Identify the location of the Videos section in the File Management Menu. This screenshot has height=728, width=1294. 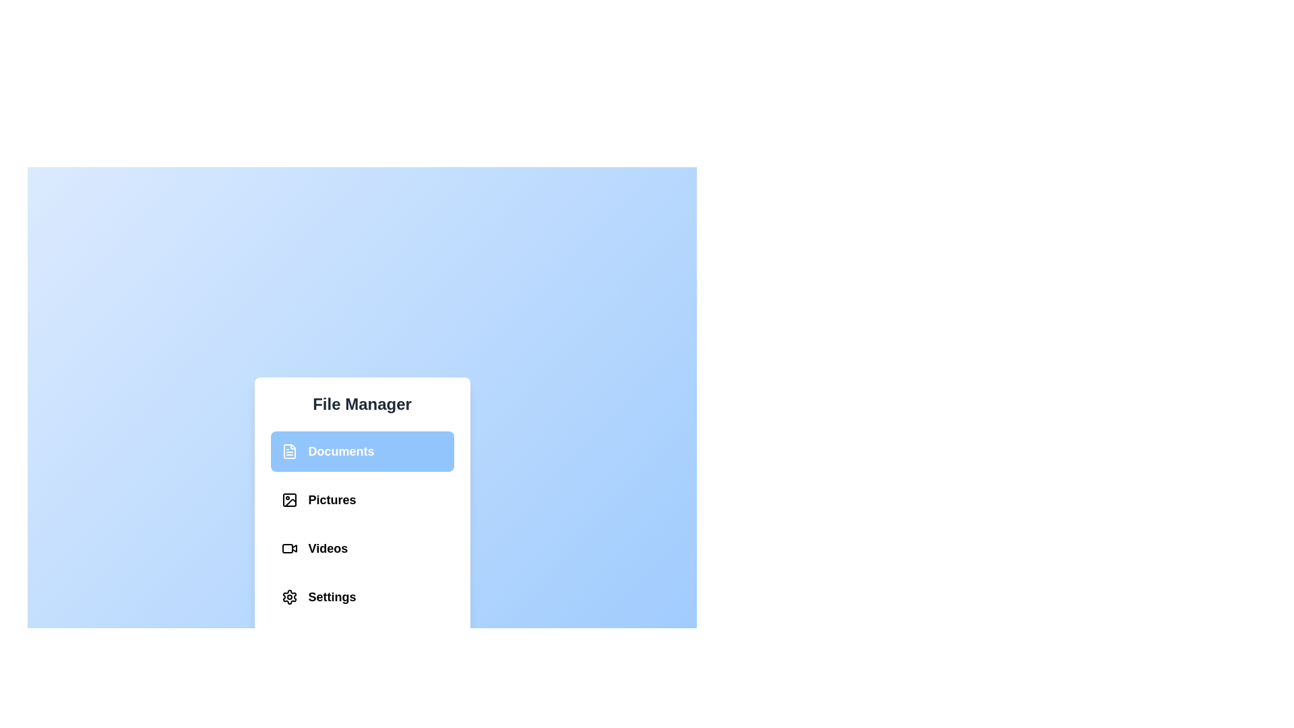
(288, 548).